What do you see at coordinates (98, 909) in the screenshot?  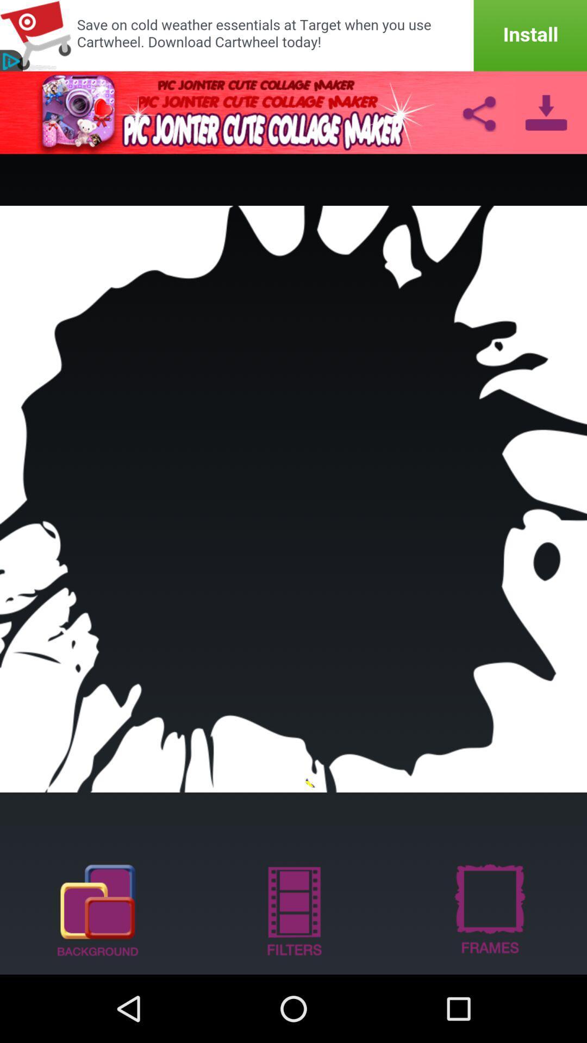 I see `show background options` at bounding box center [98, 909].